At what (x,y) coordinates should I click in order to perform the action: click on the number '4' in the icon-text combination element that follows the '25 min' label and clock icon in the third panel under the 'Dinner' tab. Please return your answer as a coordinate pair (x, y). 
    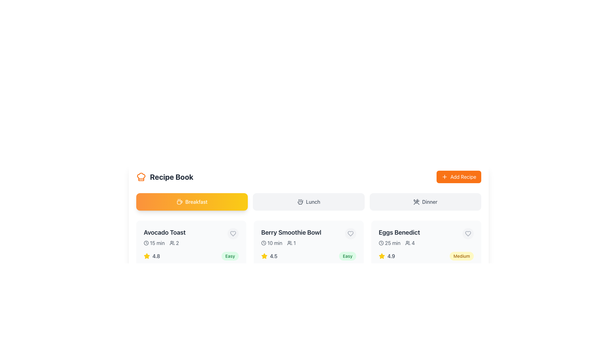
    Looking at the image, I should click on (410, 243).